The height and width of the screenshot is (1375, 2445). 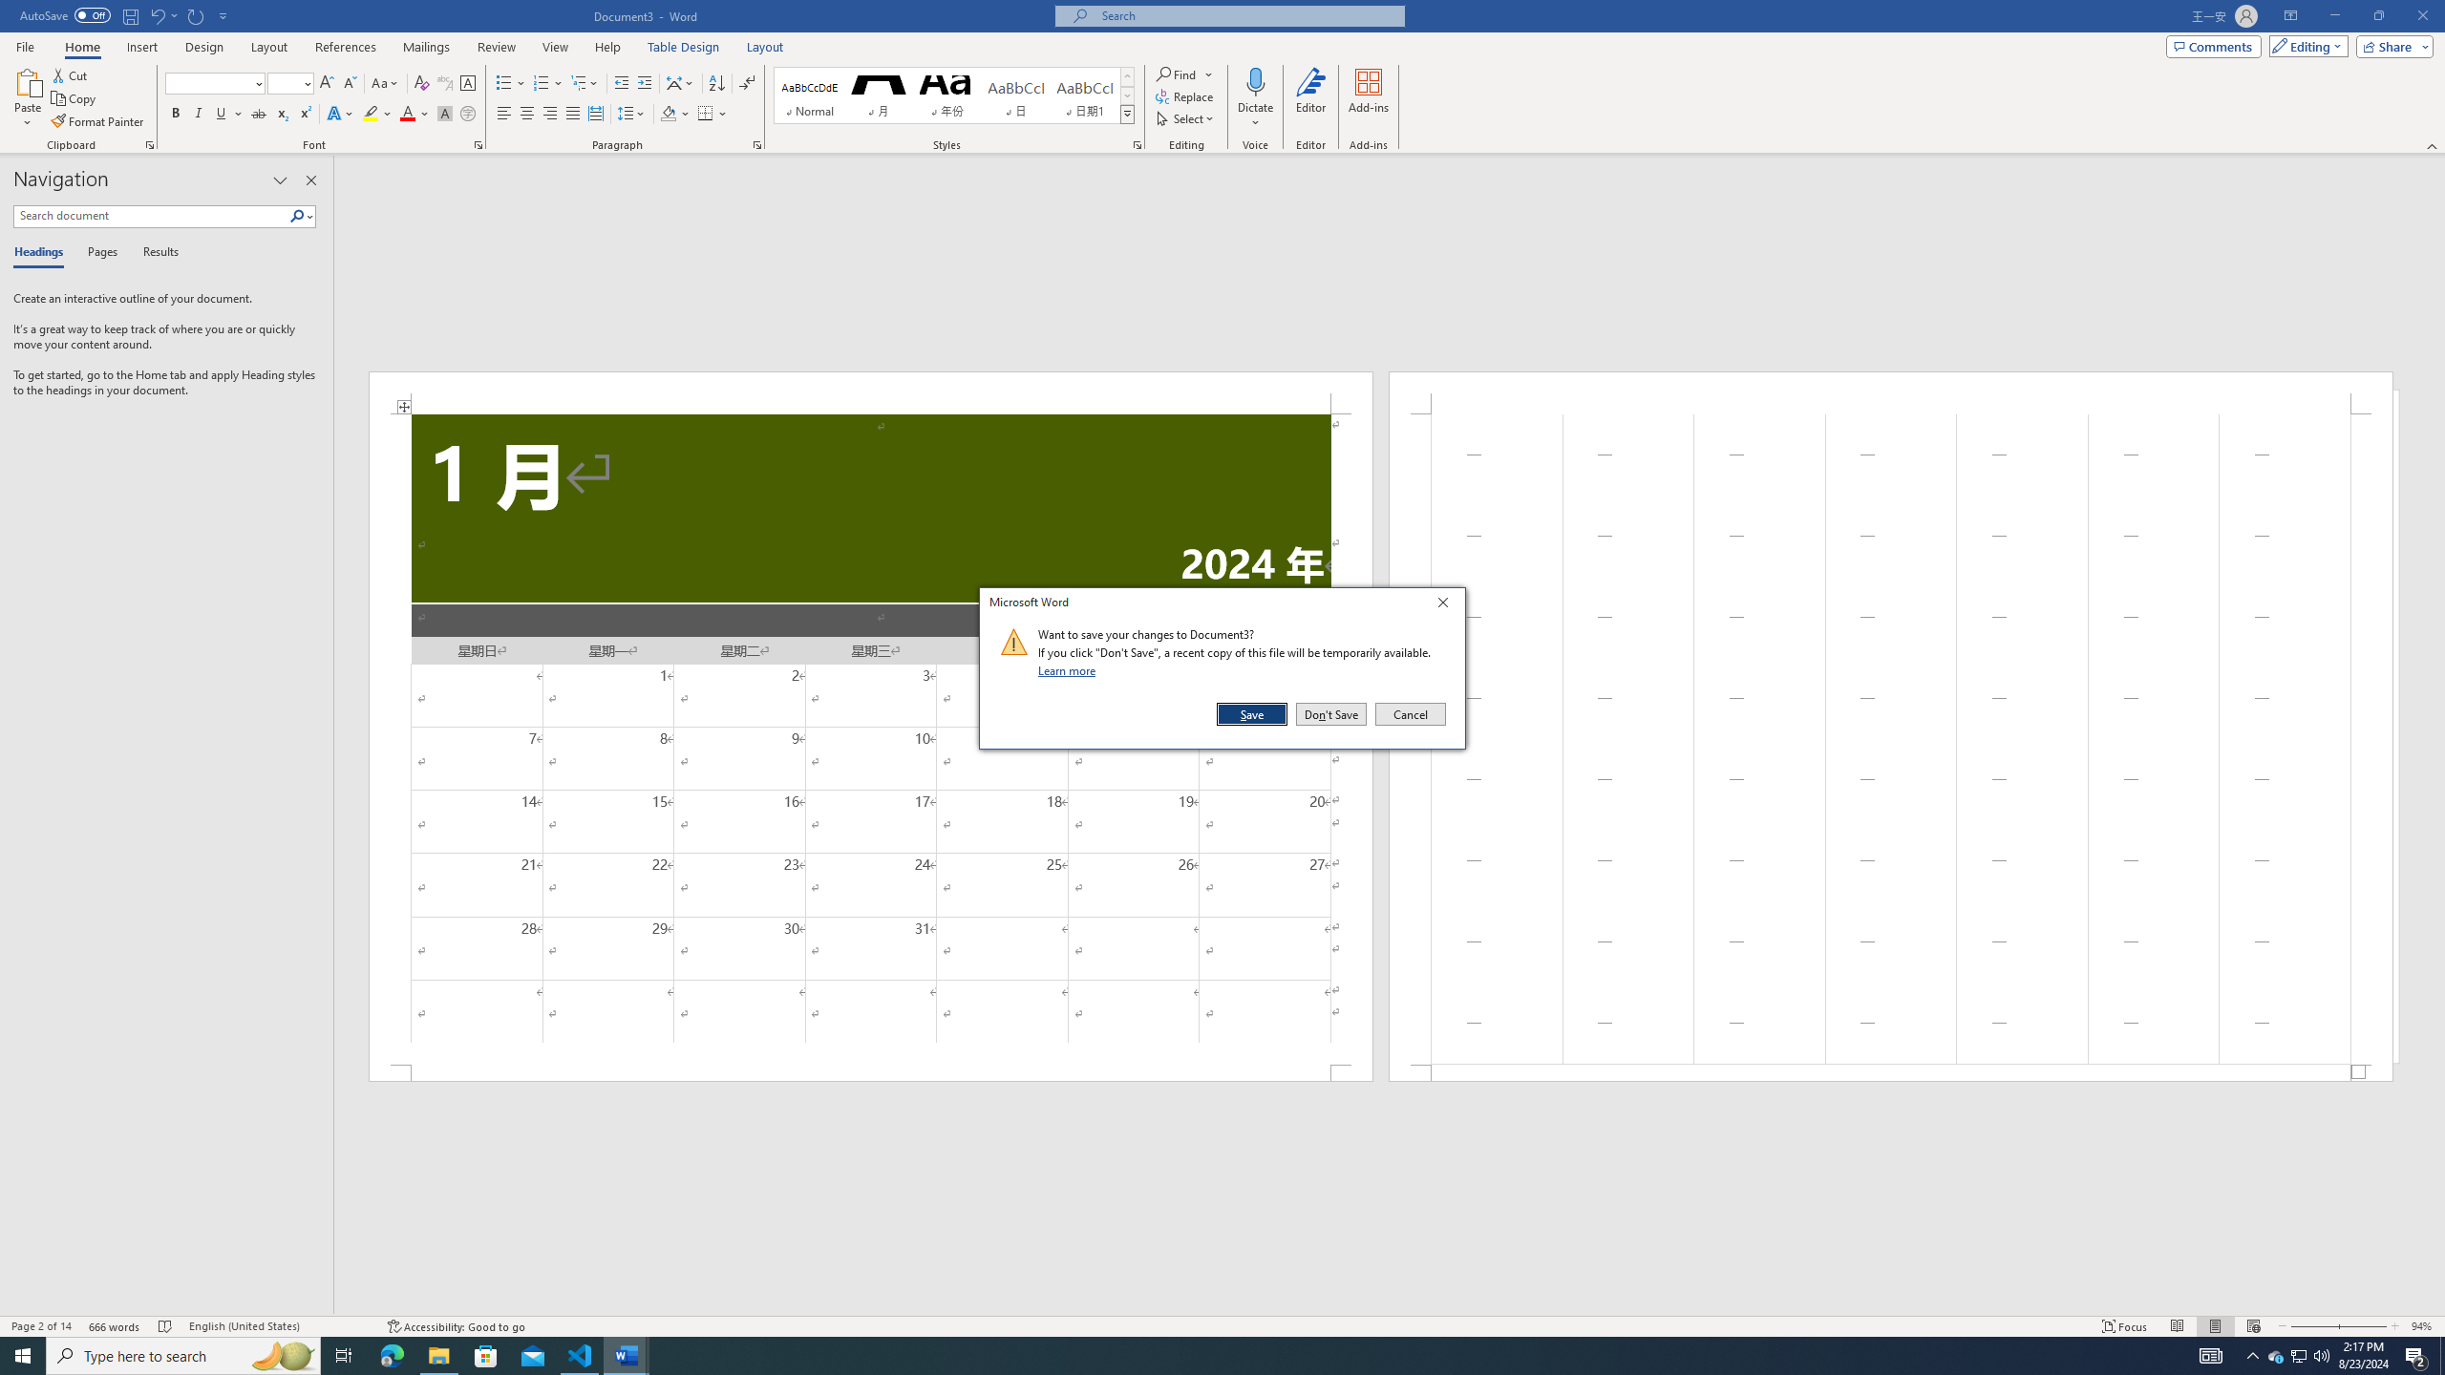 What do you see at coordinates (391, 1354) in the screenshot?
I see `'Microsoft Edge'` at bounding box center [391, 1354].